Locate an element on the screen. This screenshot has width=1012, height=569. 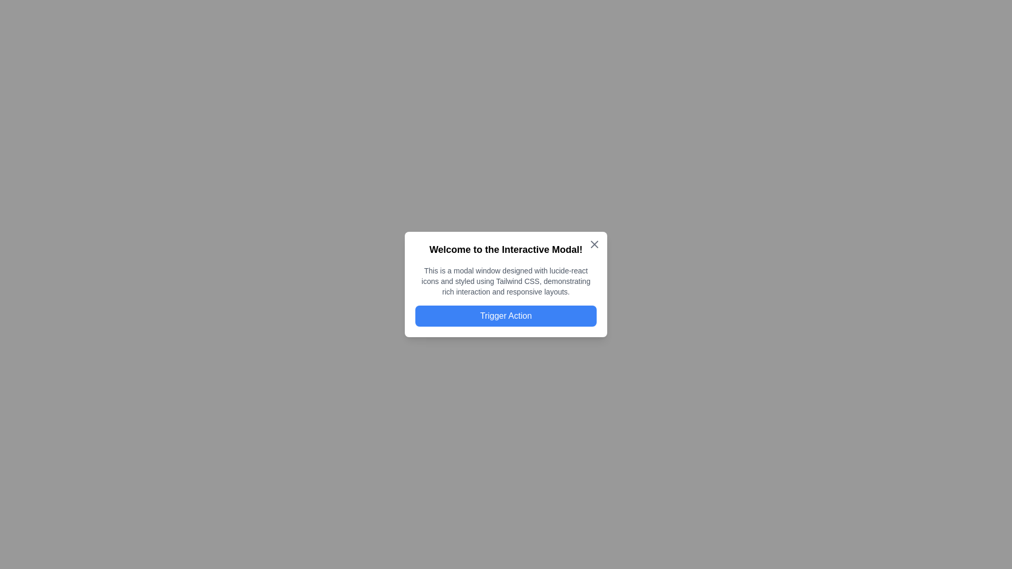
the Close button ('X' icon) is located at coordinates (595, 244).